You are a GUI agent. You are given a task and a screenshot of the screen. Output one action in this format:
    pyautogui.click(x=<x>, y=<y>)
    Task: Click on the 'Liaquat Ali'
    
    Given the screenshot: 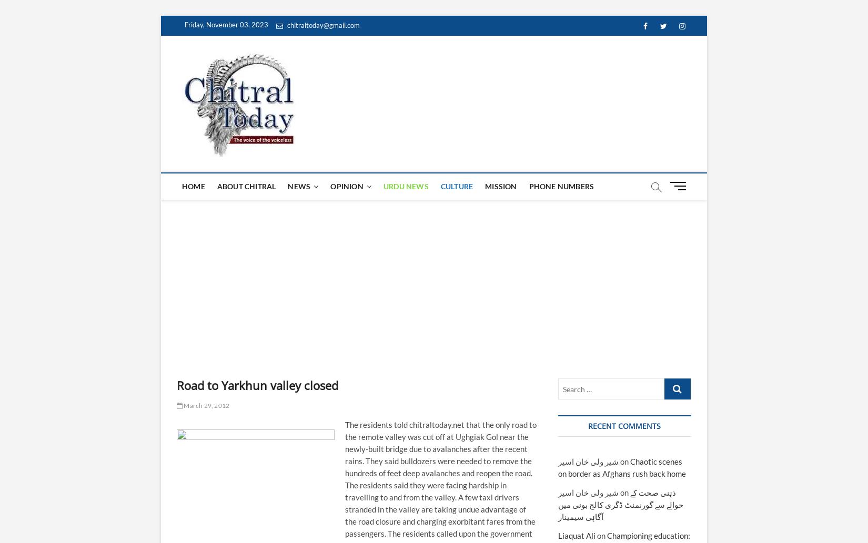 What is the action you would take?
    pyautogui.click(x=576, y=535)
    